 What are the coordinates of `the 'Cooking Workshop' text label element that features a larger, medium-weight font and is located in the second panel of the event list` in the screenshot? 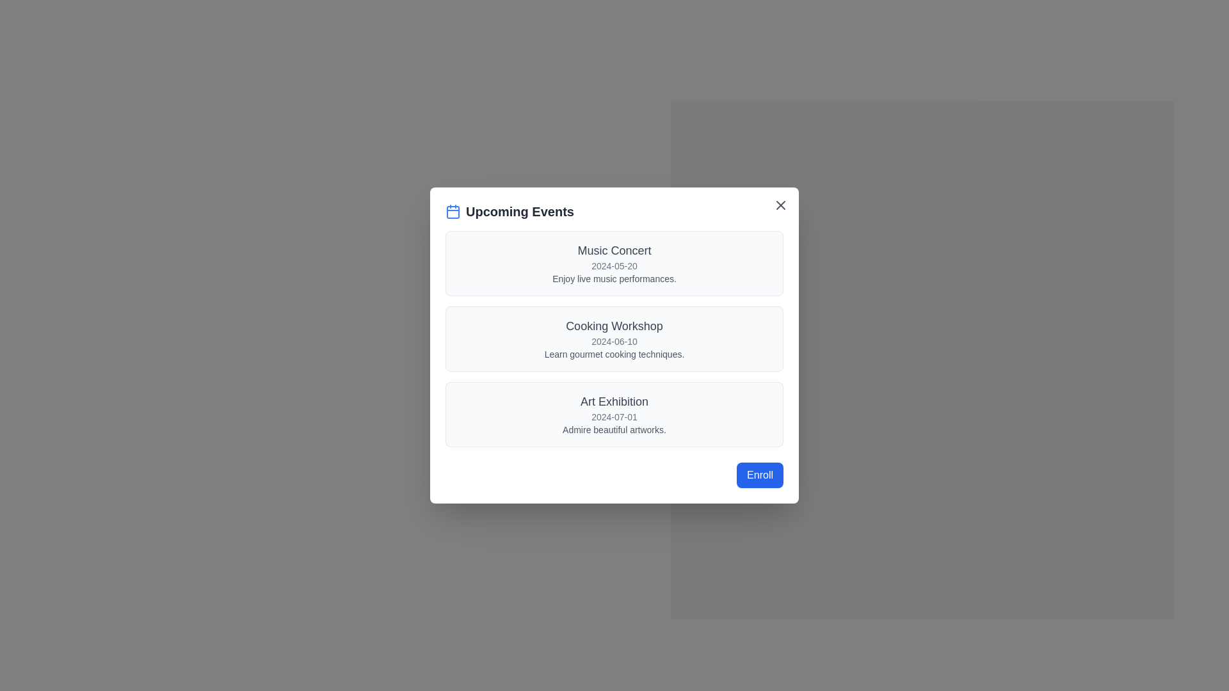 It's located at (614, 325).